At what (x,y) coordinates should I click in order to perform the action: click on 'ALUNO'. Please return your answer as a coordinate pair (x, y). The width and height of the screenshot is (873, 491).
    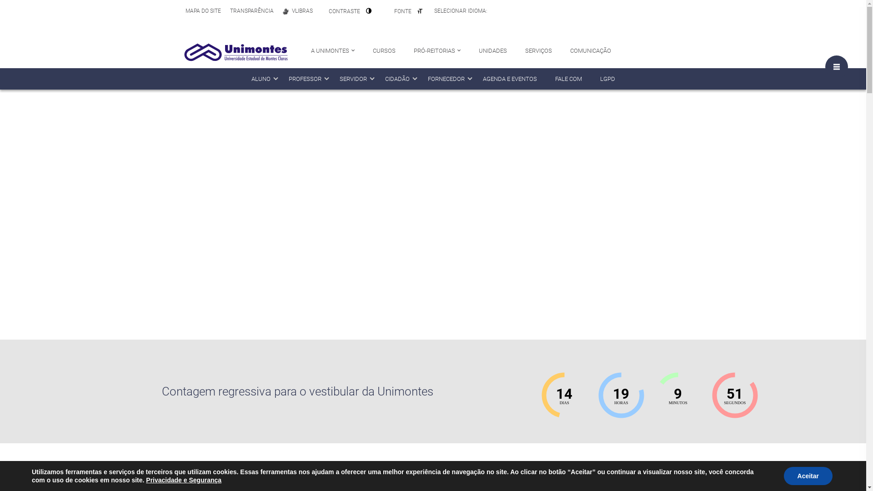
    Looking at the image, I should click on (242, 78).